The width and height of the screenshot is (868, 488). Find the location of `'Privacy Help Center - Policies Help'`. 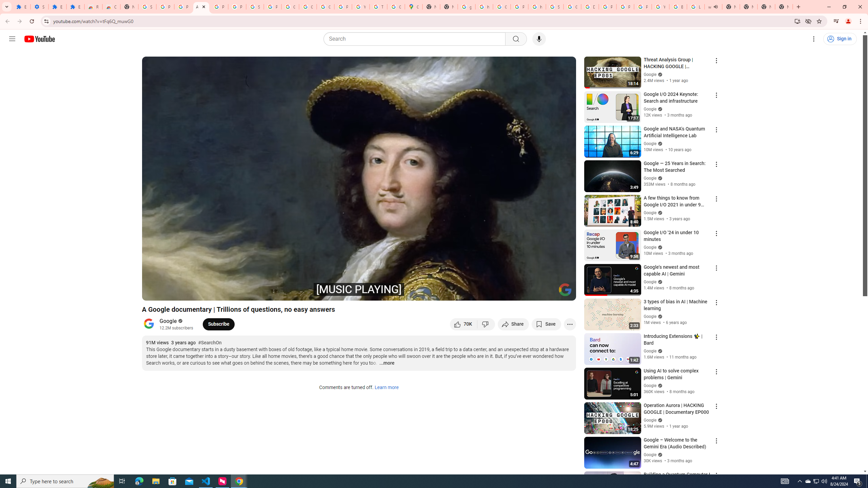

'Privacy Help Center - Policies Help' is located at coordinates (625, 6).